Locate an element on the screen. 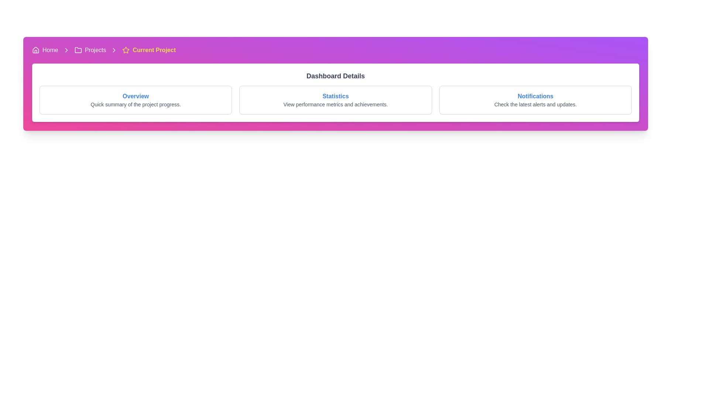  the Informational Card located in the middle of a row of three cards, specifically the second card that provides performance metrics and achievements is located at coordinates (335, 100).